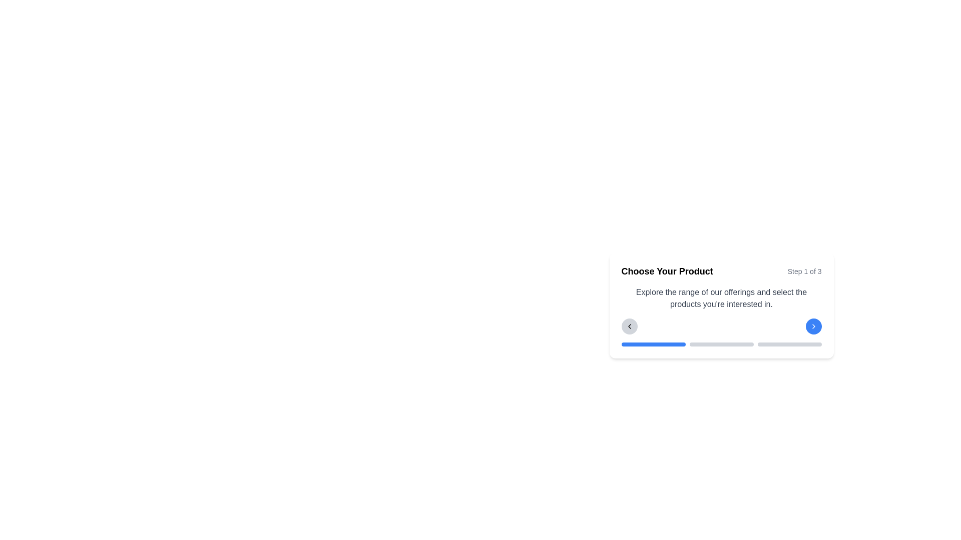 This screenshot has height=540, width=961. Describe the element at coordinates (813, 326) in the screenshot. I see `the small right-pointing chevron icon with a blue background located in a circular button on the far right of the navigation control area` at that location.